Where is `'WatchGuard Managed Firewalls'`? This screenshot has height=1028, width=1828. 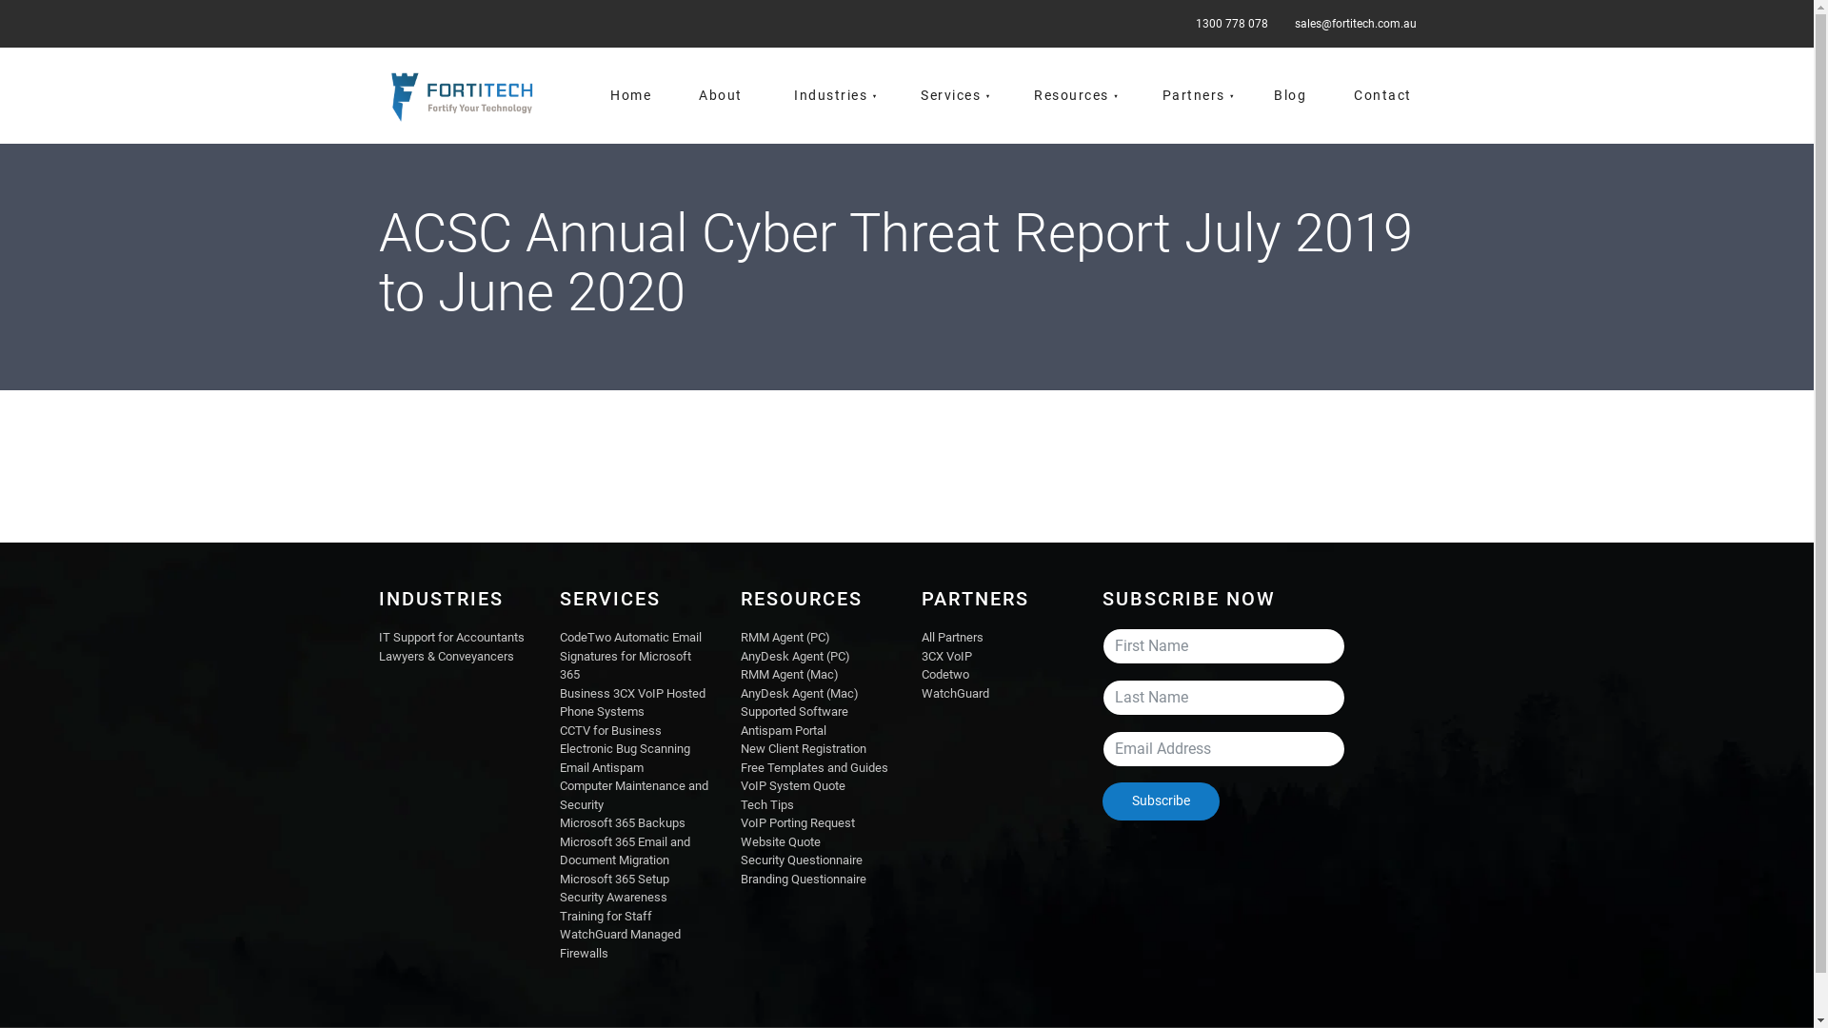
'WatchGuard Managed Firewalls' is located at coordinates (620, 943).